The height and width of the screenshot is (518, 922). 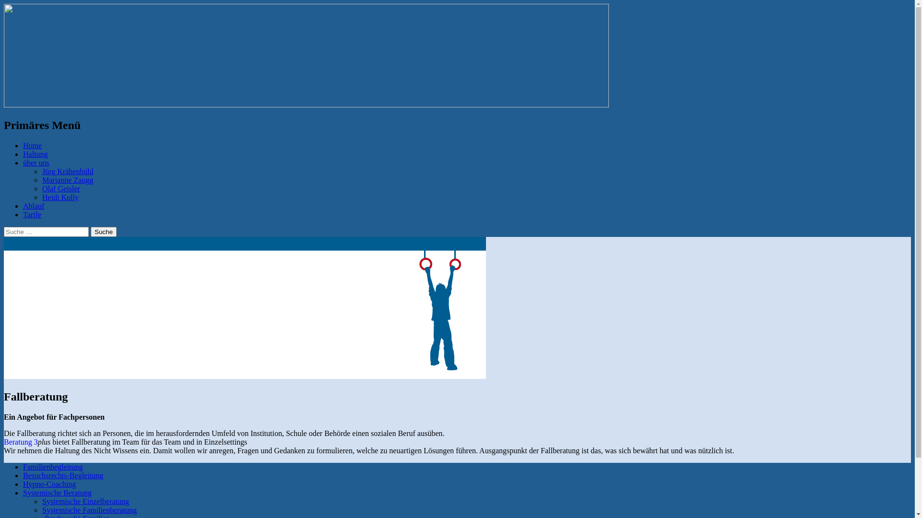 I want to click on 'Home', so click(x=32, y=145).